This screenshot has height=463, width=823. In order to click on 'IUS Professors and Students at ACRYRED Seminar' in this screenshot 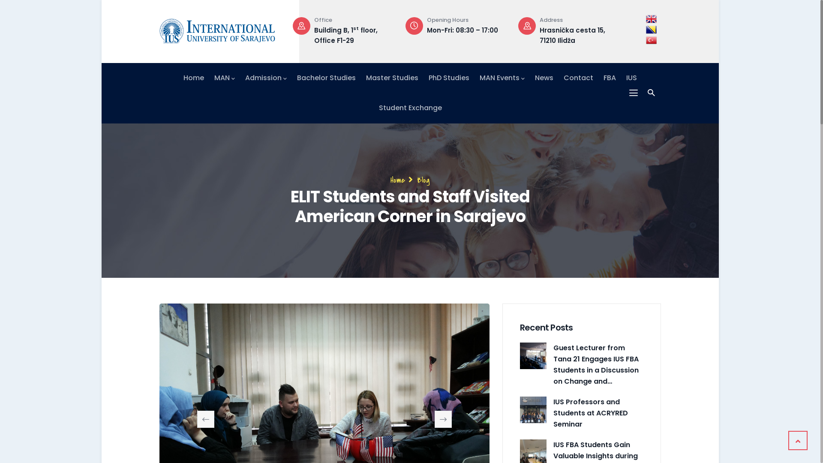, I will do `click(598, 413)`.